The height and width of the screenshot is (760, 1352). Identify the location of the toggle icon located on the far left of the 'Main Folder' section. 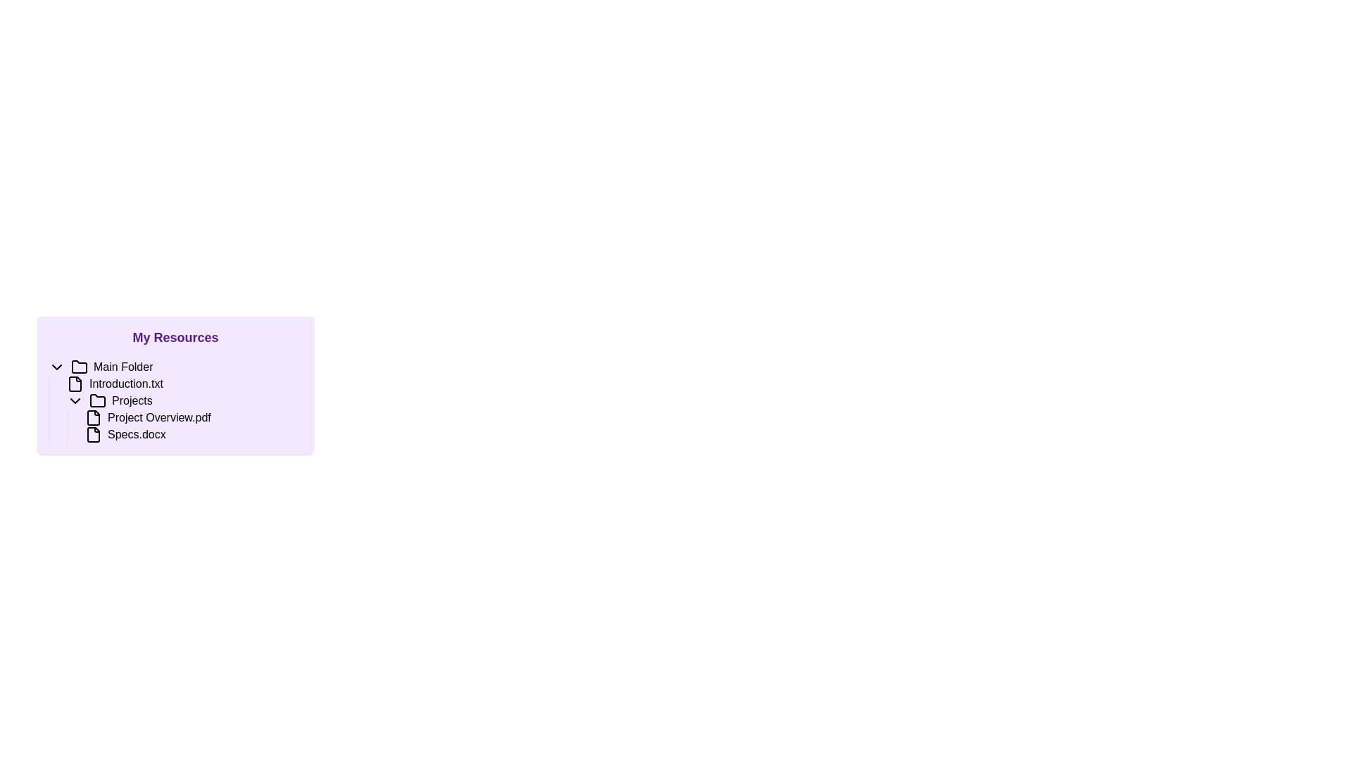
(56, 366).